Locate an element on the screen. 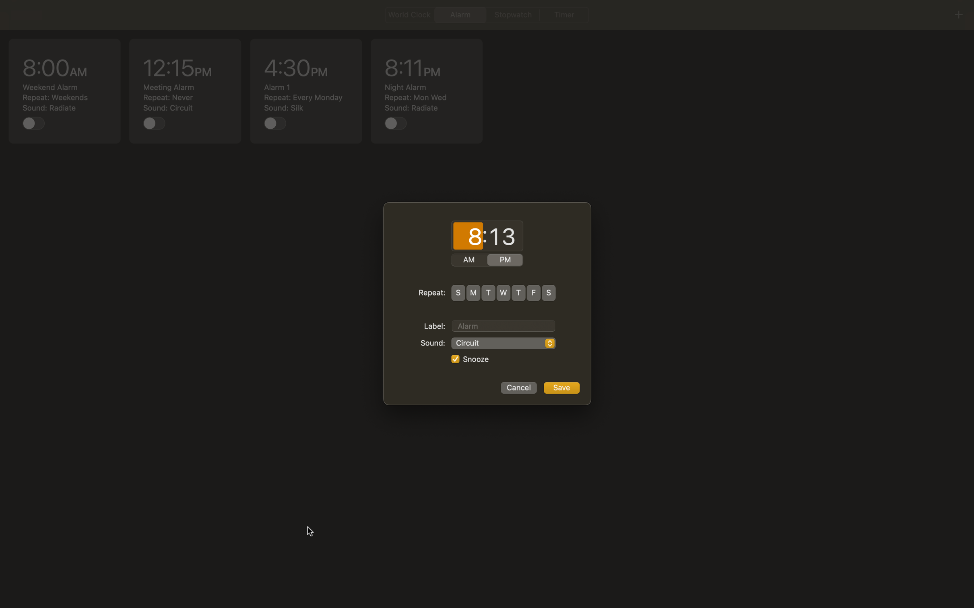 The image size is (974, 608). Adjust the hour setting to 8 is located at coordinates (468, 236).